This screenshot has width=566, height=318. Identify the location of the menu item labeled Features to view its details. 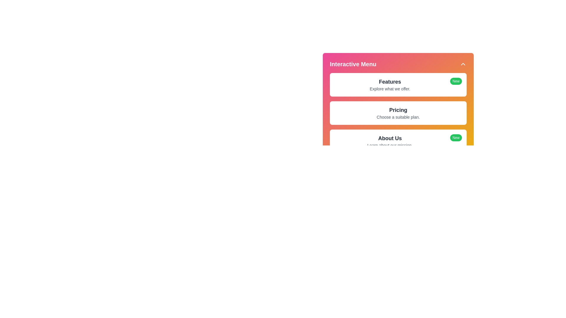
(390, 82).